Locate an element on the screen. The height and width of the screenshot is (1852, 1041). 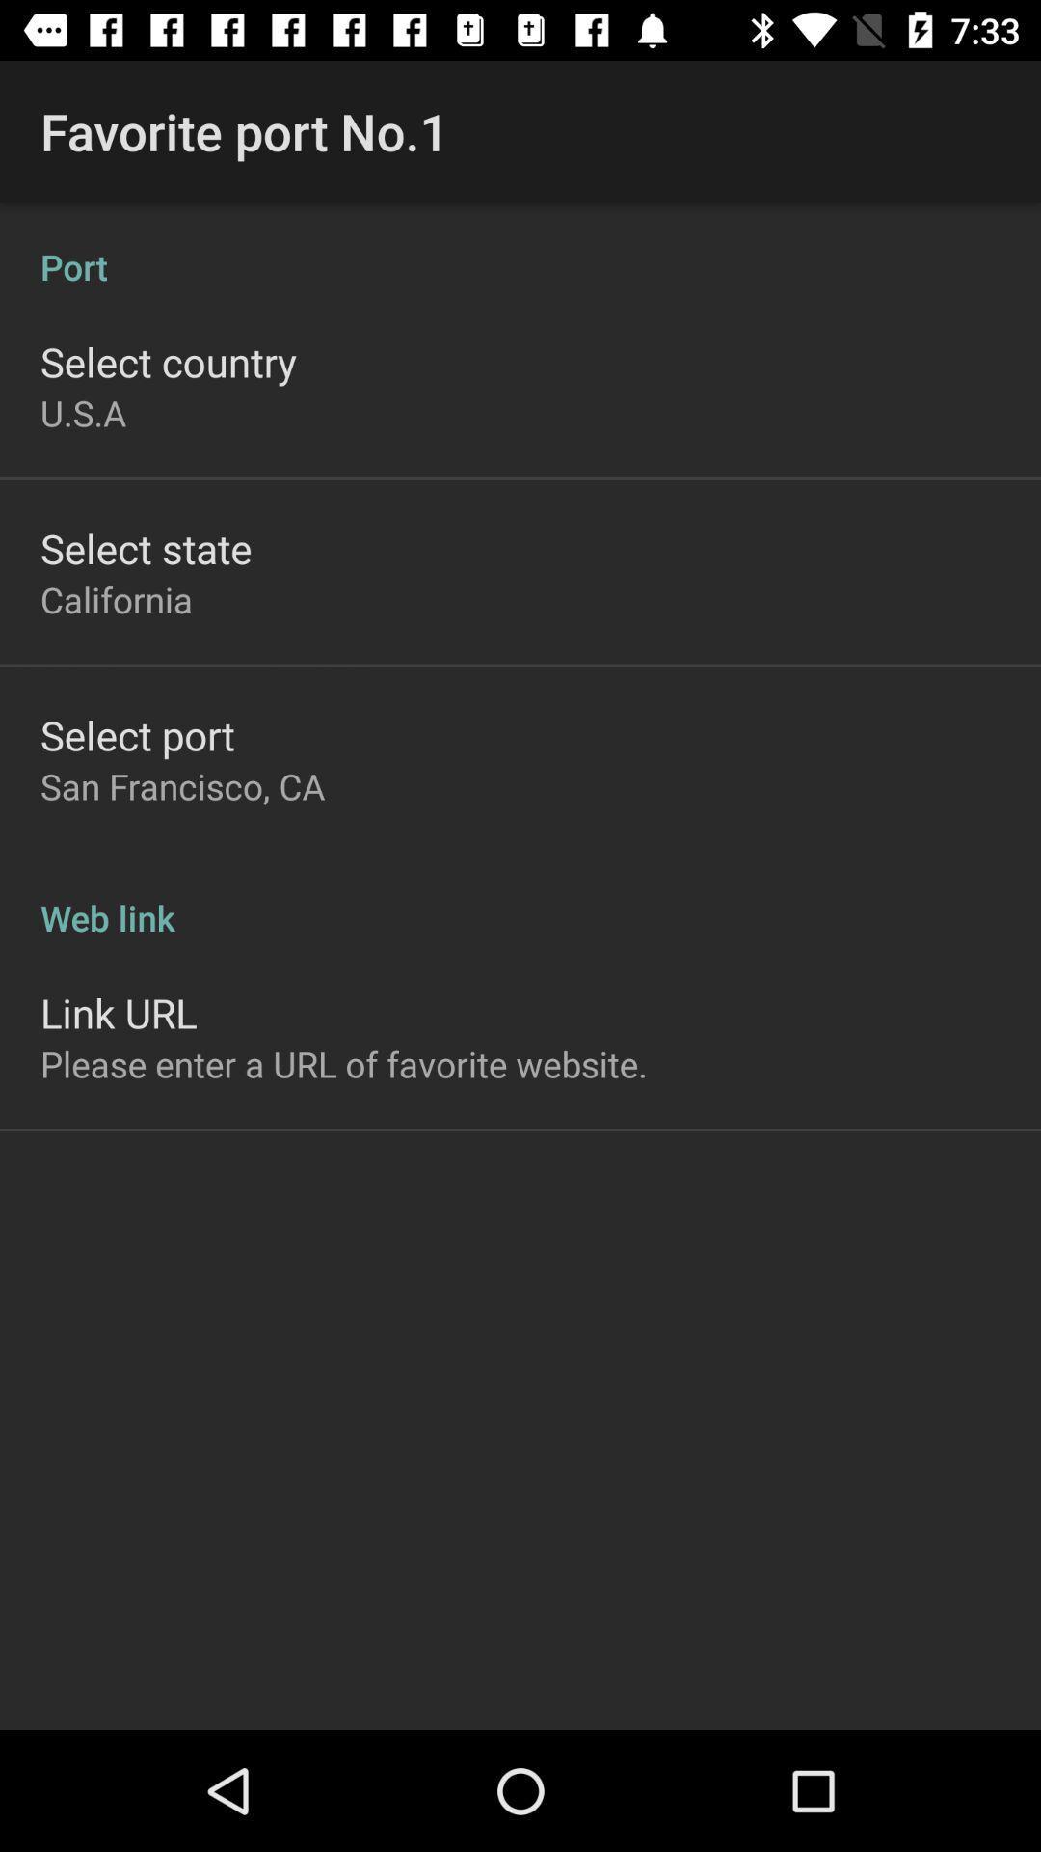
app above please enter a item is located at coordinates (119, 1012).